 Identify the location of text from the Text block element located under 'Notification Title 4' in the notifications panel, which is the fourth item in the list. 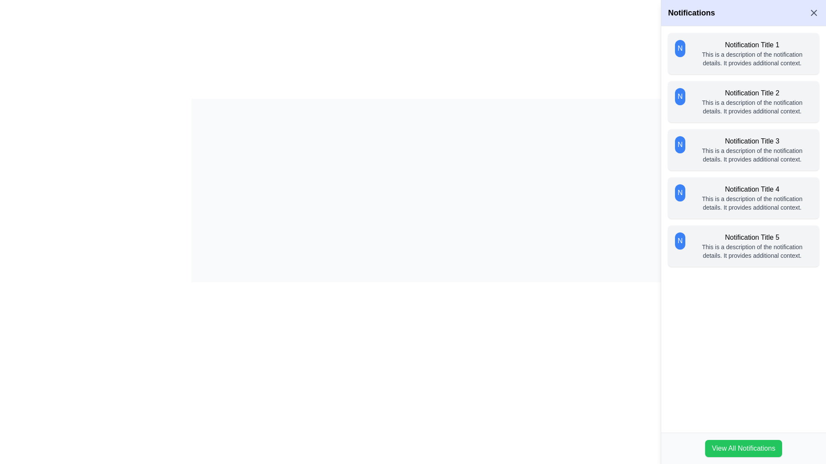
(752, 203).